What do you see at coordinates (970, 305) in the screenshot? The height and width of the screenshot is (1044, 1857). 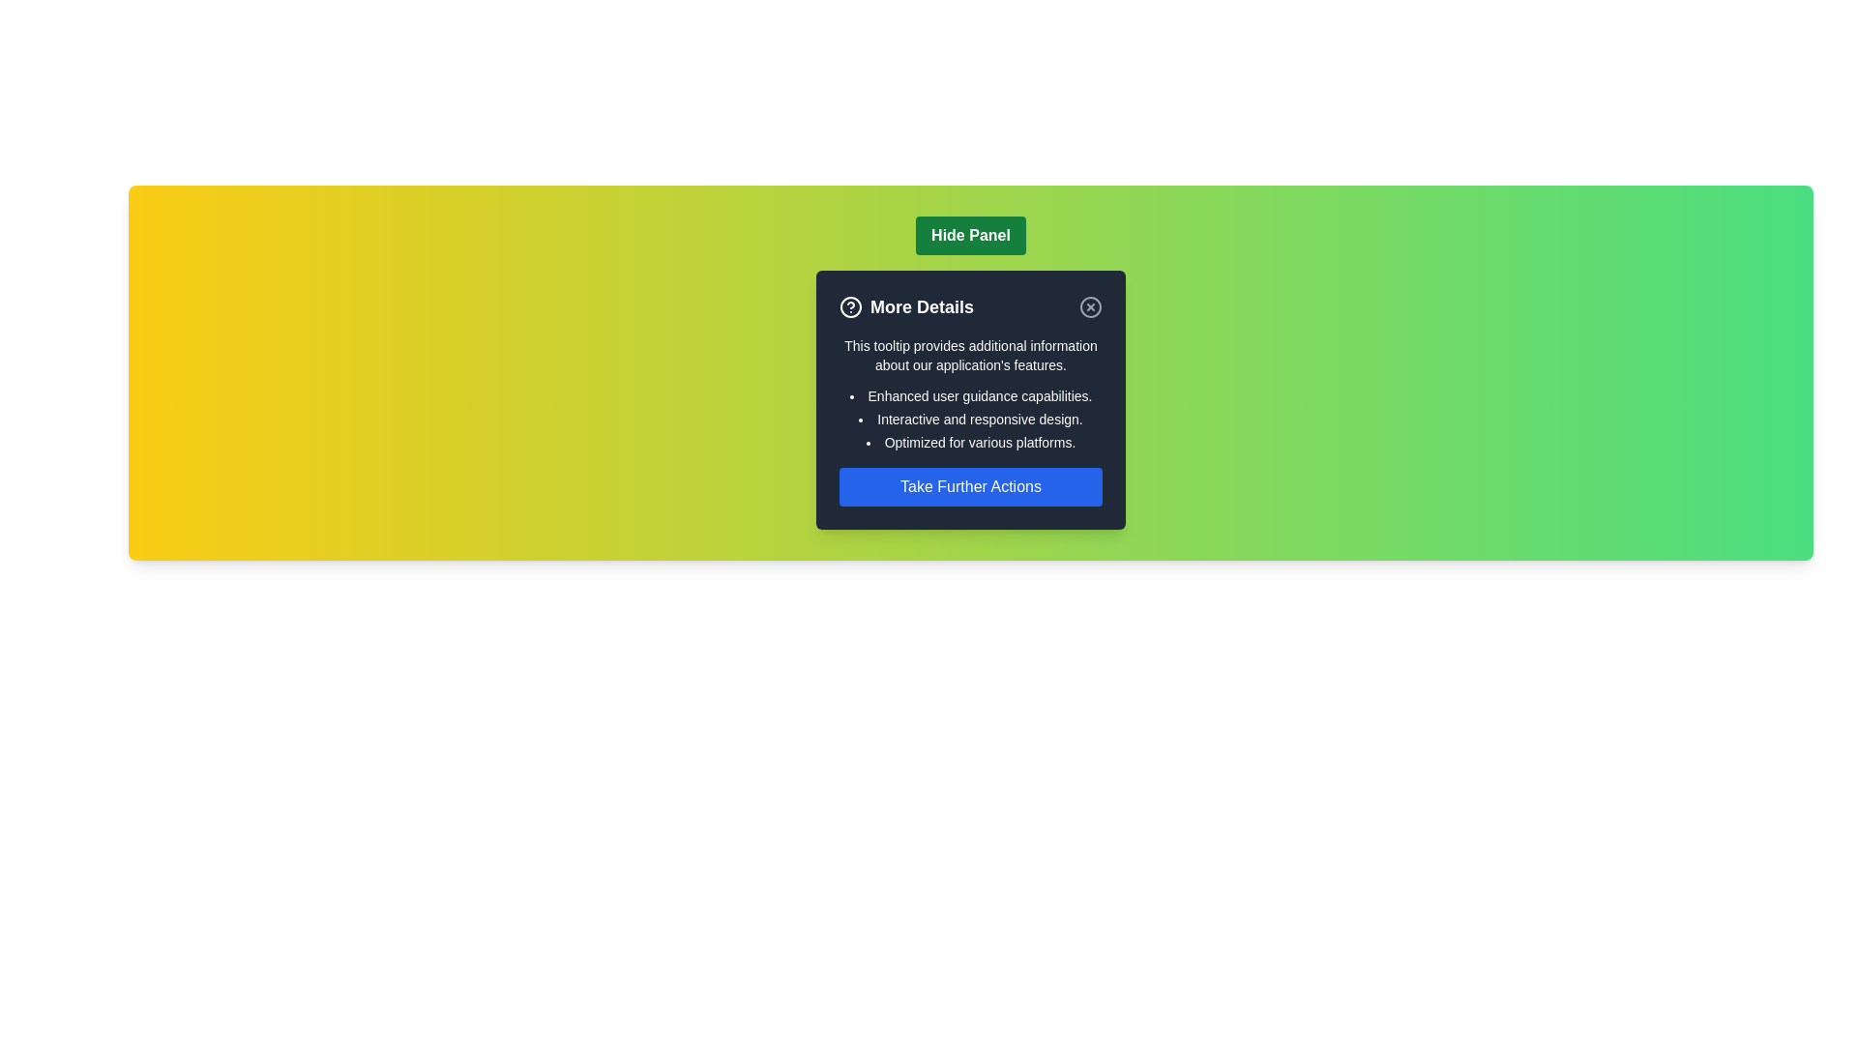 I see `text 'More Details' in the label section that features a question mark icon on the left and a close icon on the right, which is styled with bold typography on a dark background` at bounding box center [970, 305].